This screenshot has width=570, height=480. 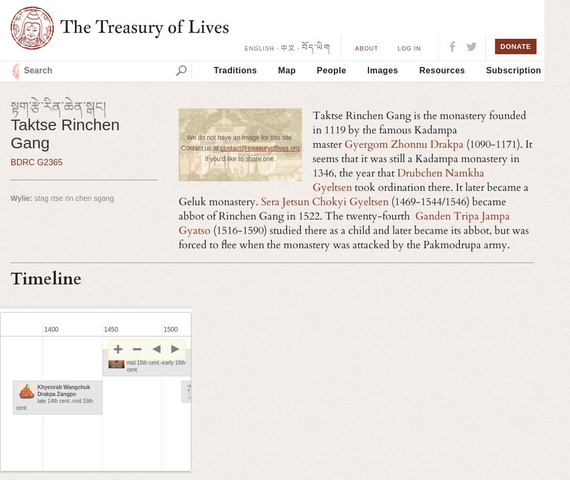 I want to click on 'Drubchen Namkha Gyeltsen', so click(x=398, y=180).